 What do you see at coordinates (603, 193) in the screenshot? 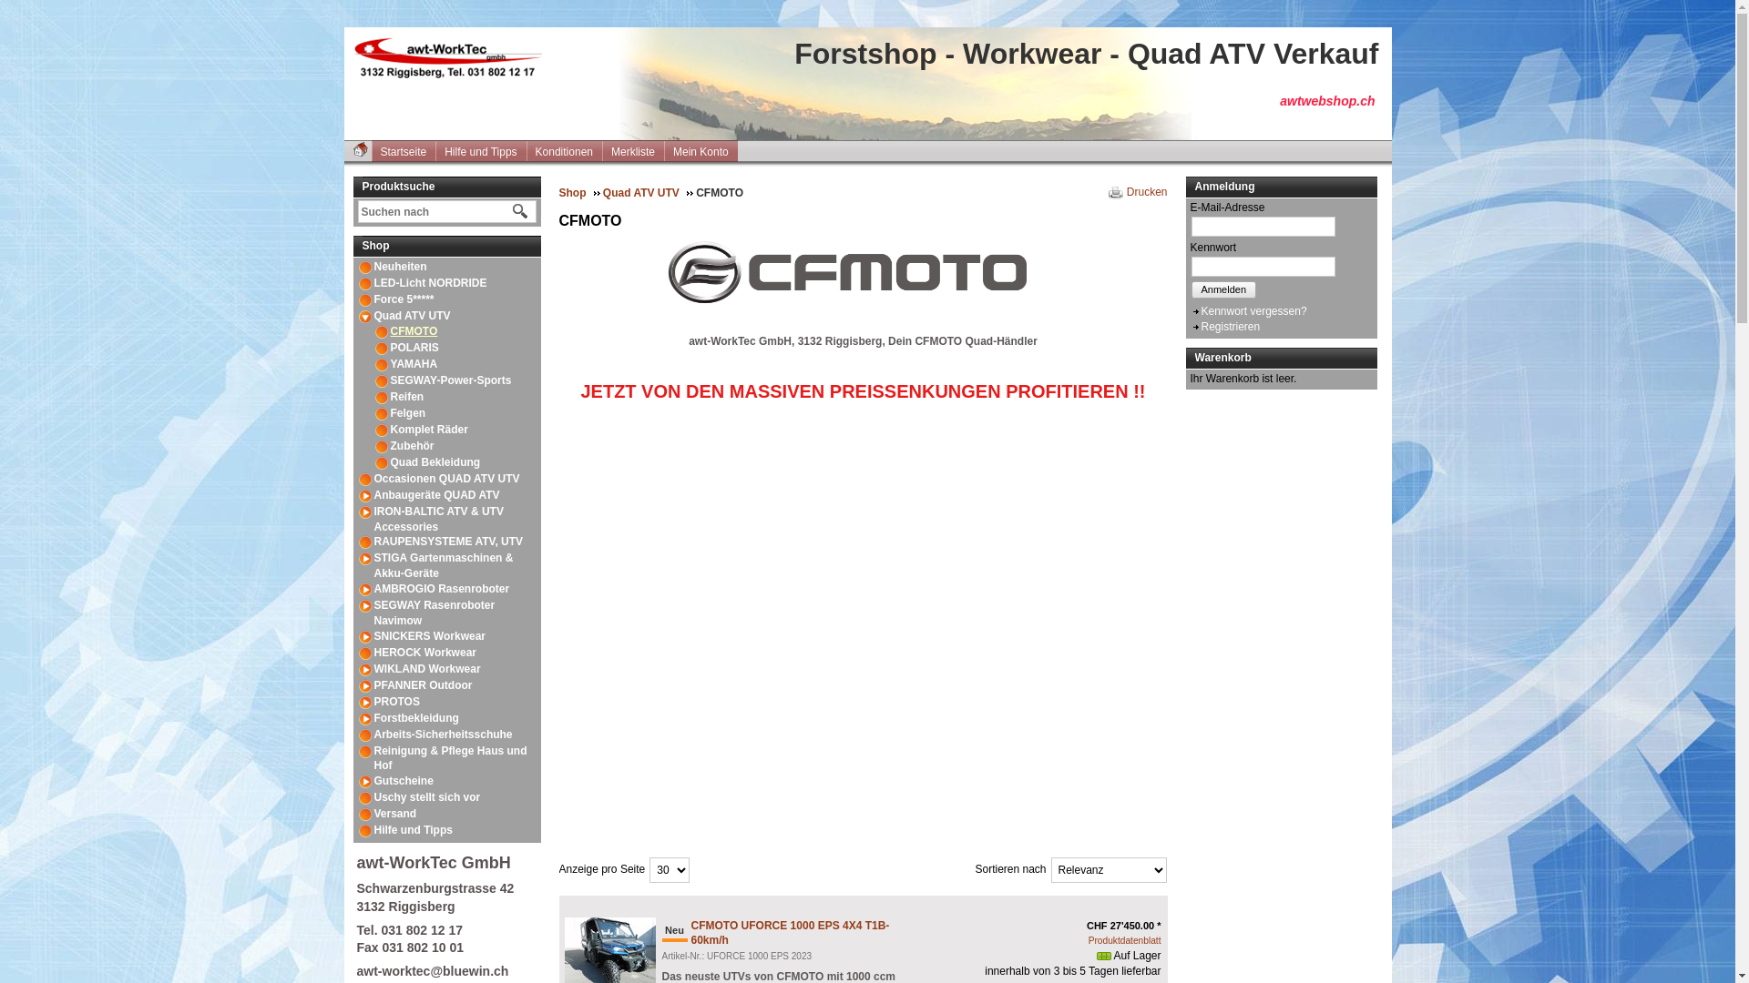
I see `'Quad ATV UTV'` at bounding box center [603, 193].